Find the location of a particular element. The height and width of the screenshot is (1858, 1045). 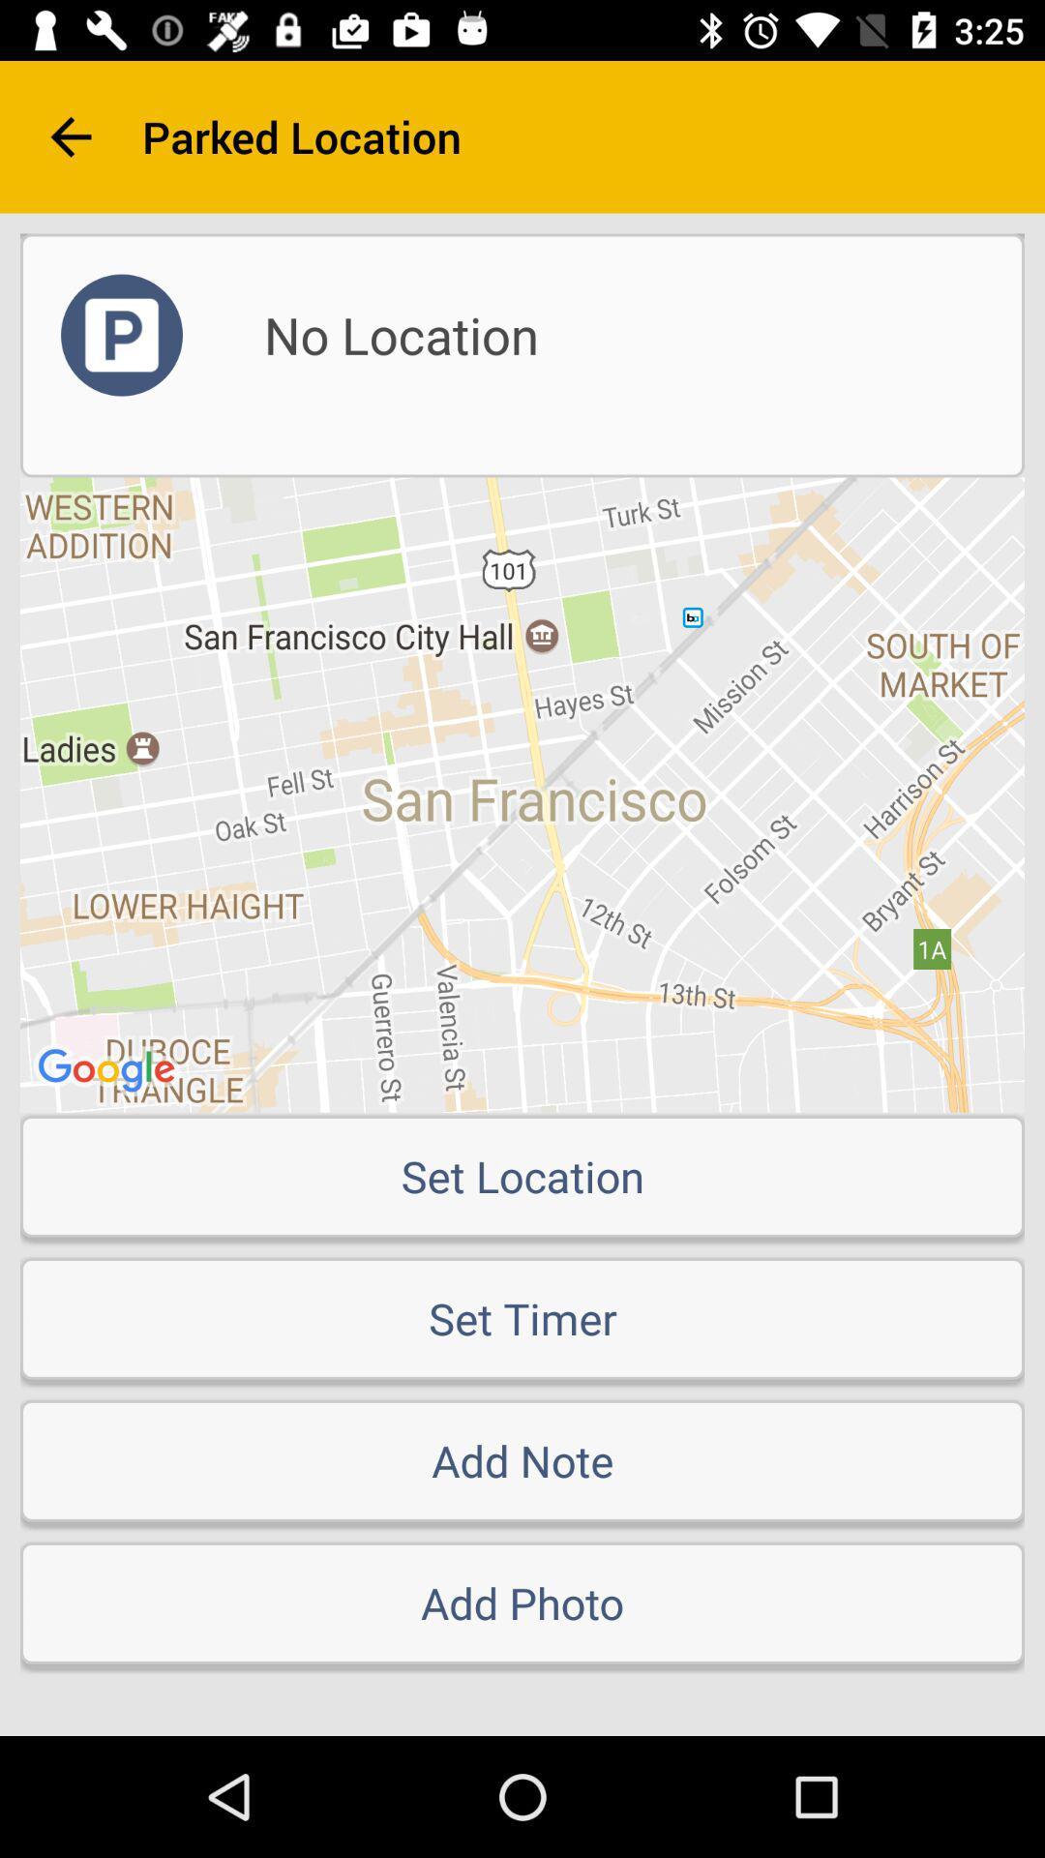

add note item is located at coordinates (522, 1460).